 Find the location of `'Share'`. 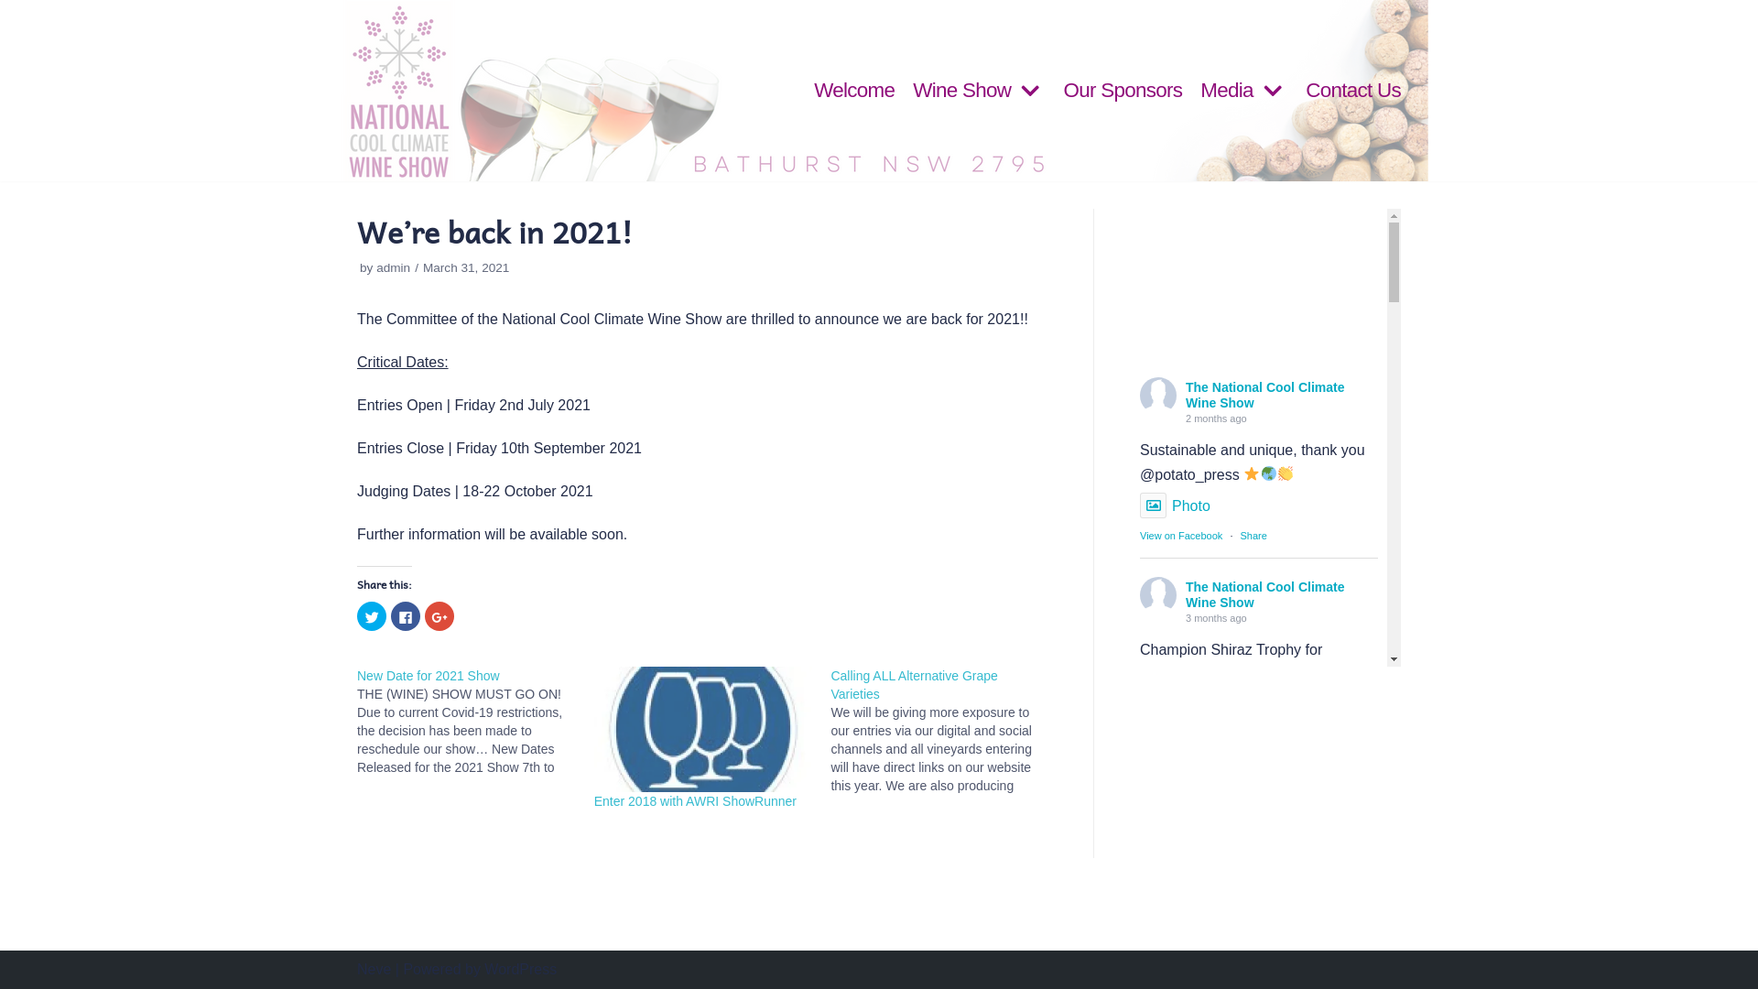

'Share' is located at coordinates (1252, 536).